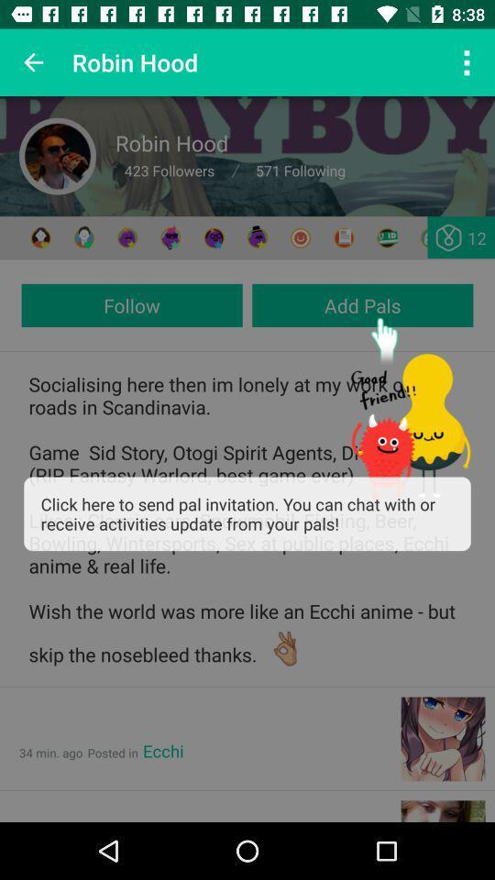 This screenshot has height=880, width=495. What do you see at coordinates (40, 236) in the screenshot?
I see `friend profile` at bounding box center [40, 236].